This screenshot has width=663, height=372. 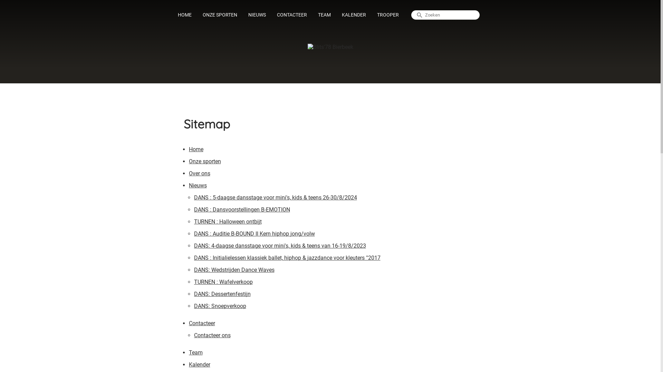 What do you see at coordinates (189, 365) in the screenshot?
I see `'Kalender'` at bounding box center [189, 365].